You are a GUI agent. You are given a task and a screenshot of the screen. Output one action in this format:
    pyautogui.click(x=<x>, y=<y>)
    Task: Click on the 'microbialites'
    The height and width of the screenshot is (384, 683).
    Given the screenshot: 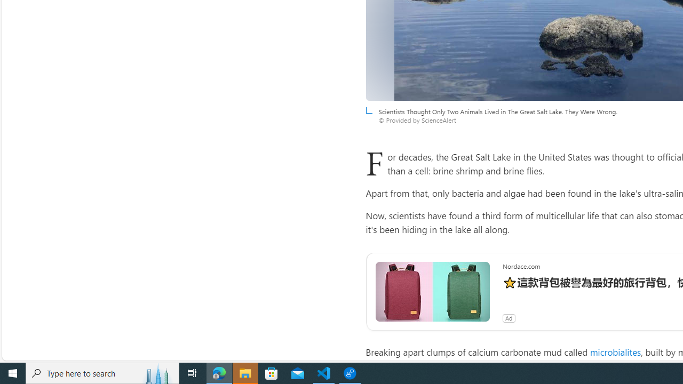 What is the action you would take?
    pyautogui.click(x=615, y=351)
    